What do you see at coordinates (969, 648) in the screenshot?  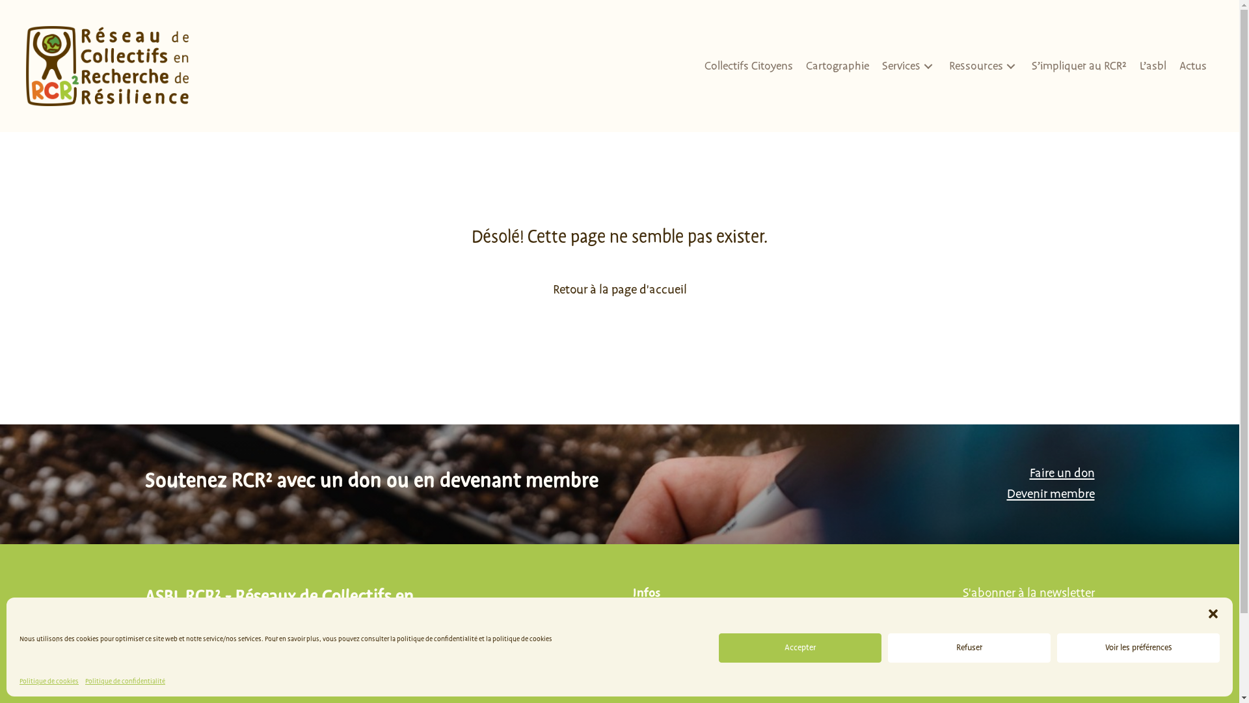 I see `'Refuser'` at bounding box center [969, 648].